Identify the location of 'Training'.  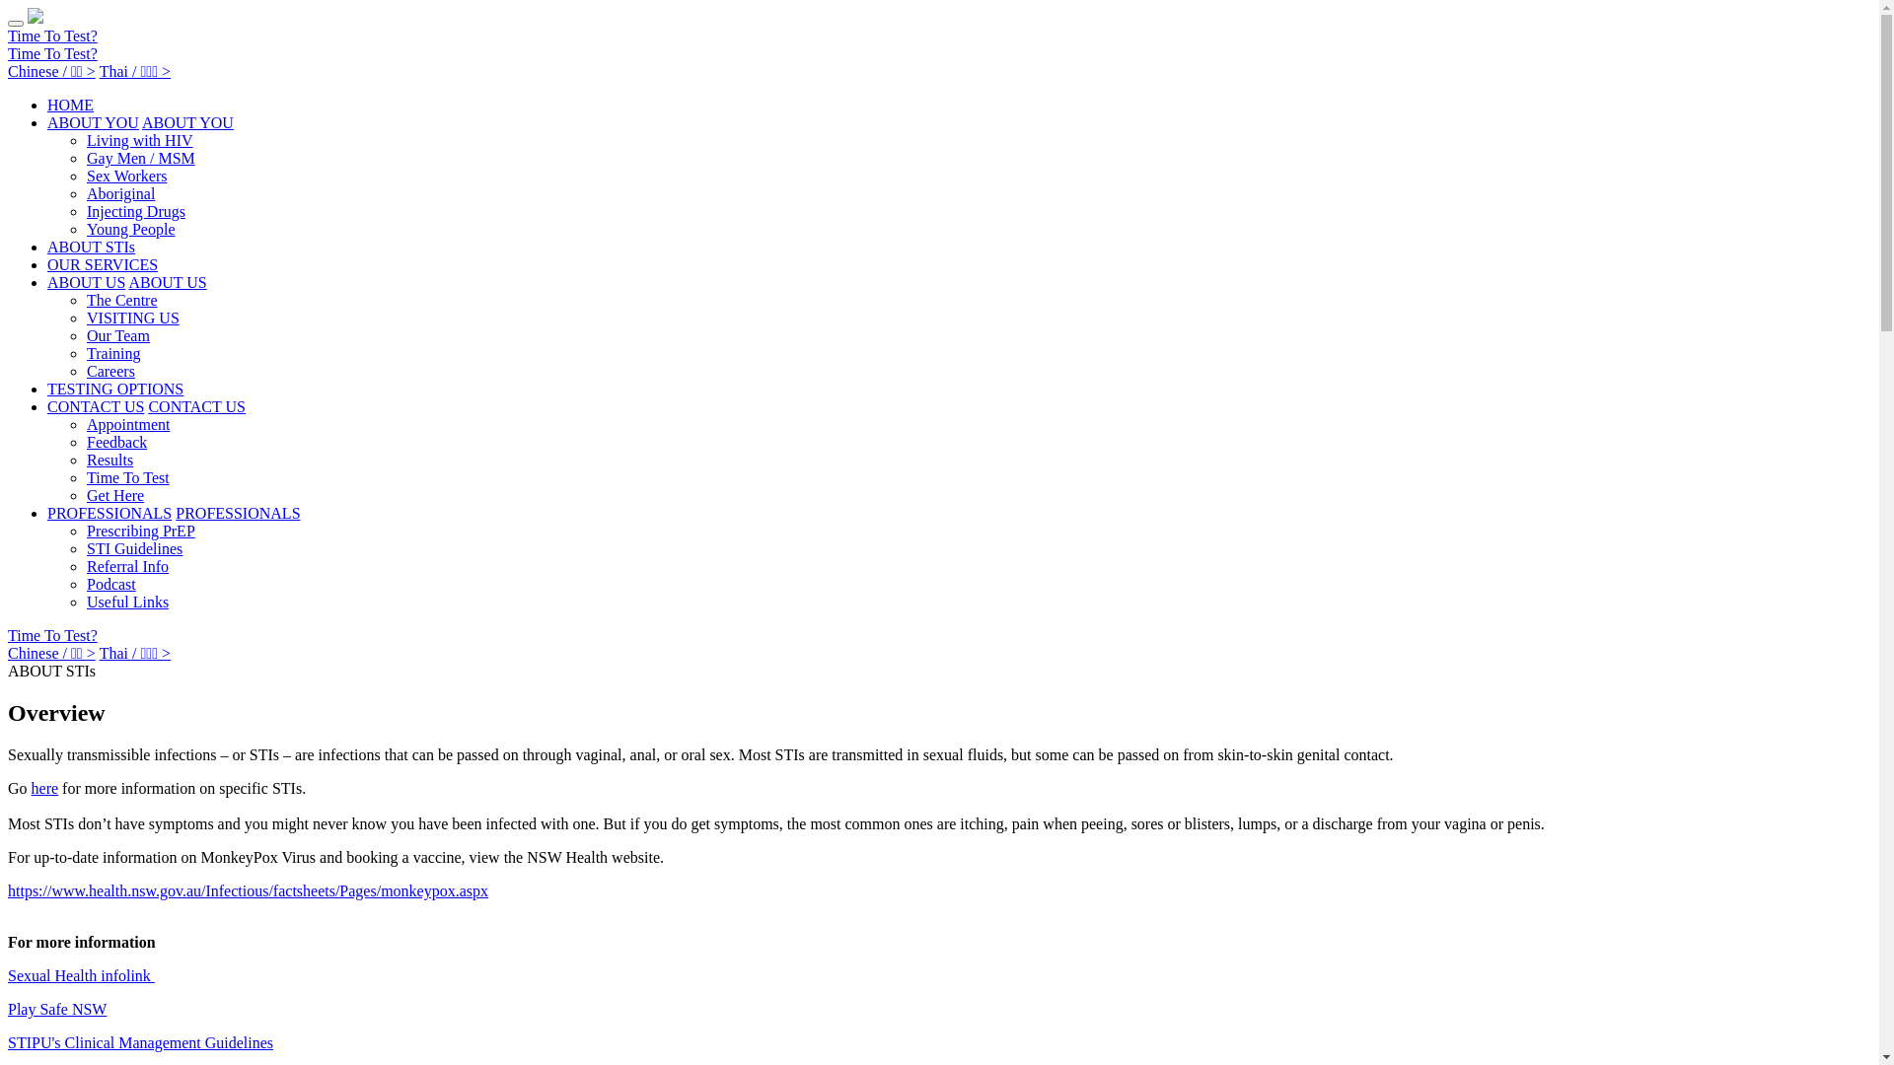
(112, 352).